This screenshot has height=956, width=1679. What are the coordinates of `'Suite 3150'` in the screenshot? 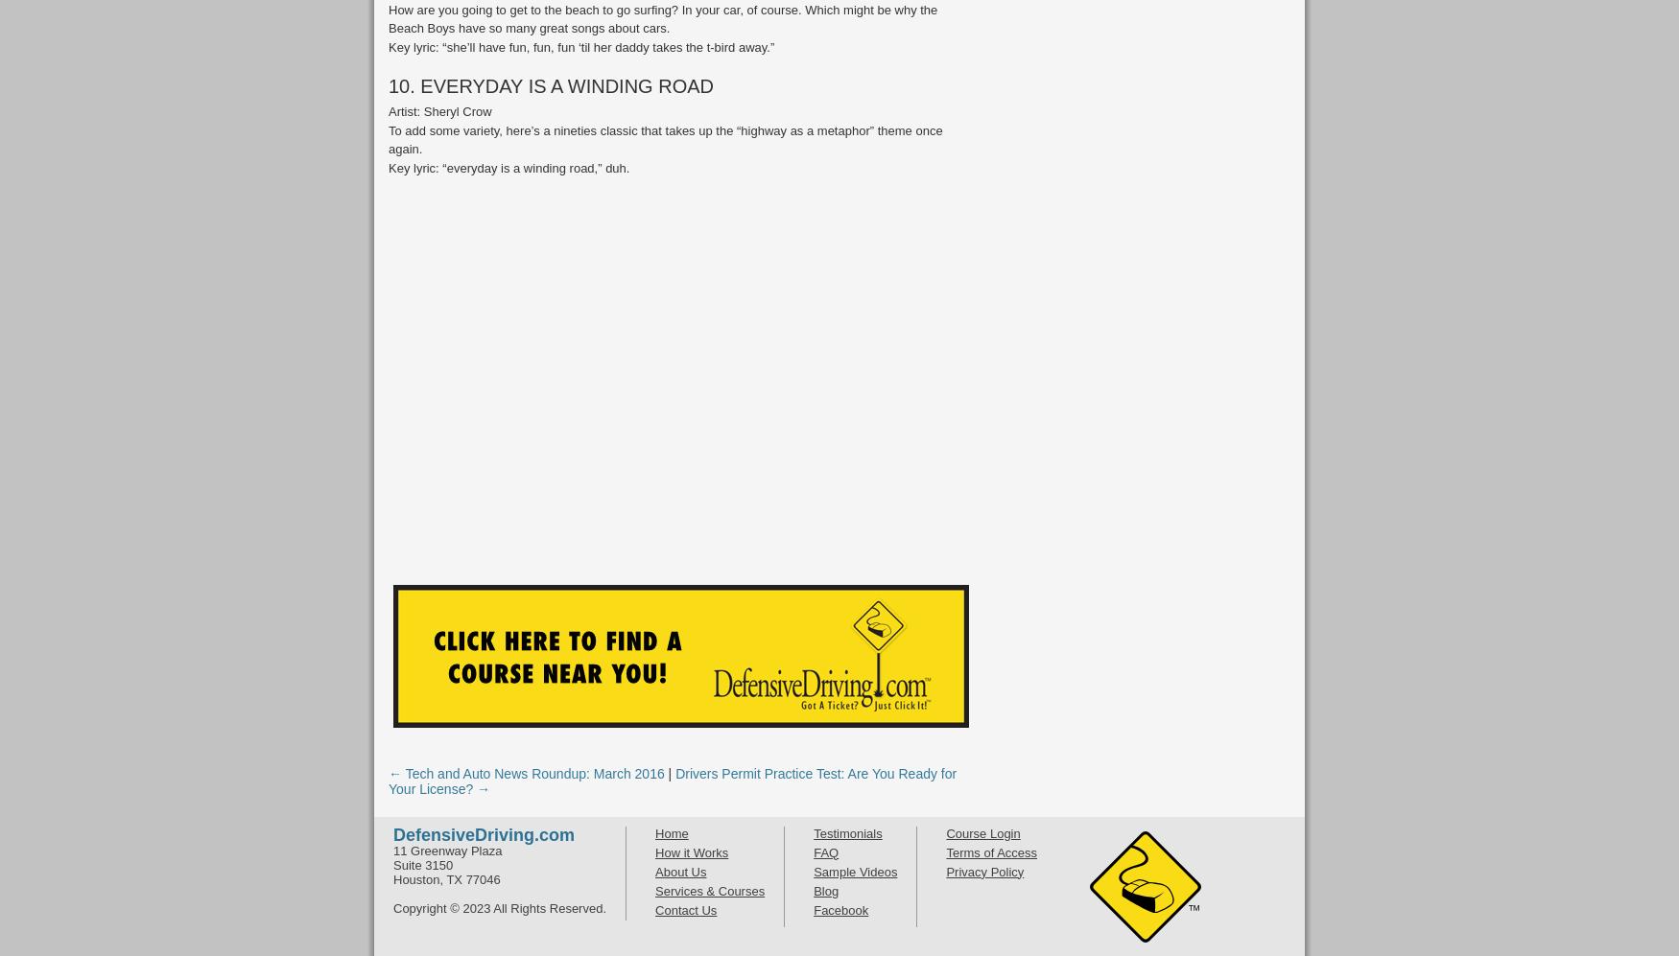 It's located at (423, 863).